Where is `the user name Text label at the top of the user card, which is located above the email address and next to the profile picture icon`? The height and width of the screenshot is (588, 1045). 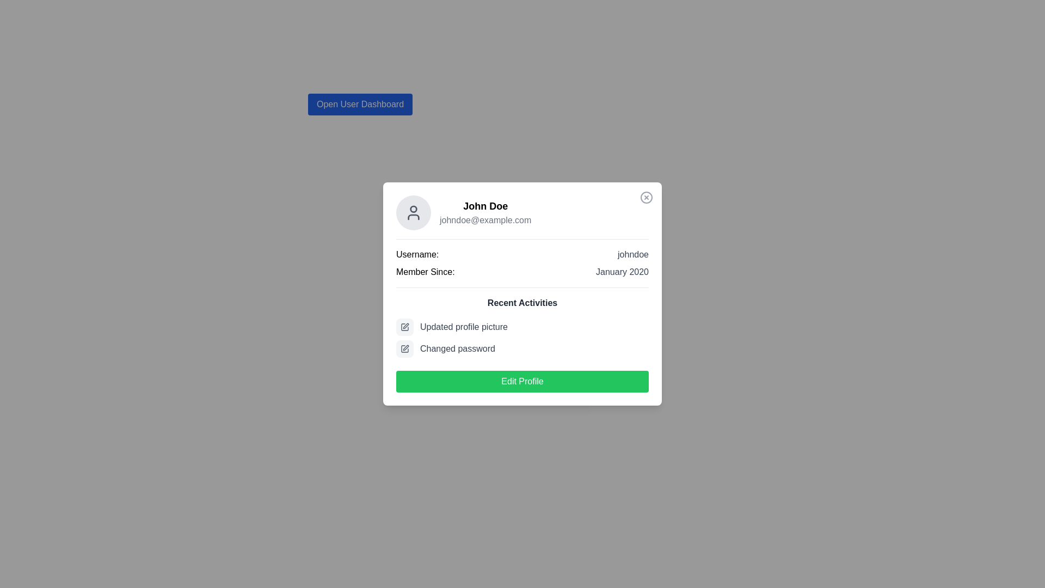 the user name Text label at the top of the user card, which is located above the email address and next to the profile picture icon is located at coordinates (485, 206).